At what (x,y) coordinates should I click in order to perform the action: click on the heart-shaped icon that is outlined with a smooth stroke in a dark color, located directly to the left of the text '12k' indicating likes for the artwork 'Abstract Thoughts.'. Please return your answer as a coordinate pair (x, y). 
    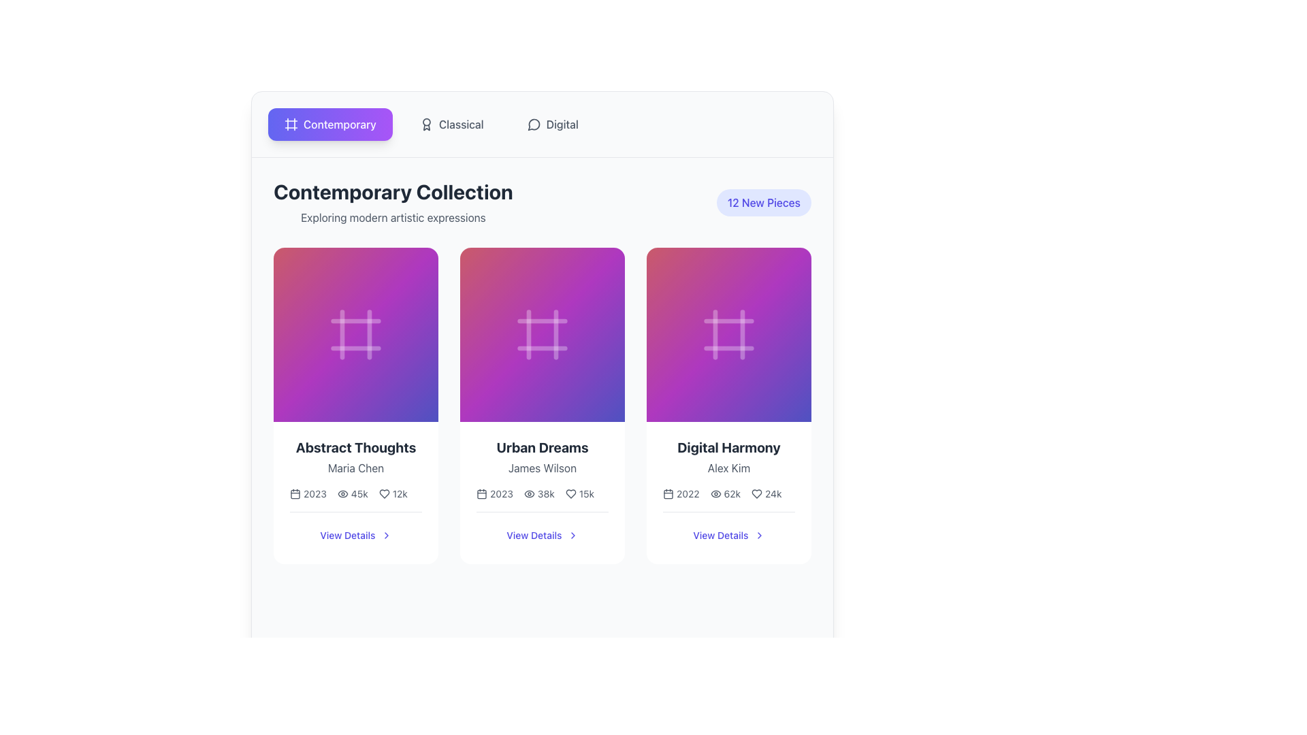
    Looking at the image, I should click on (383, 493).